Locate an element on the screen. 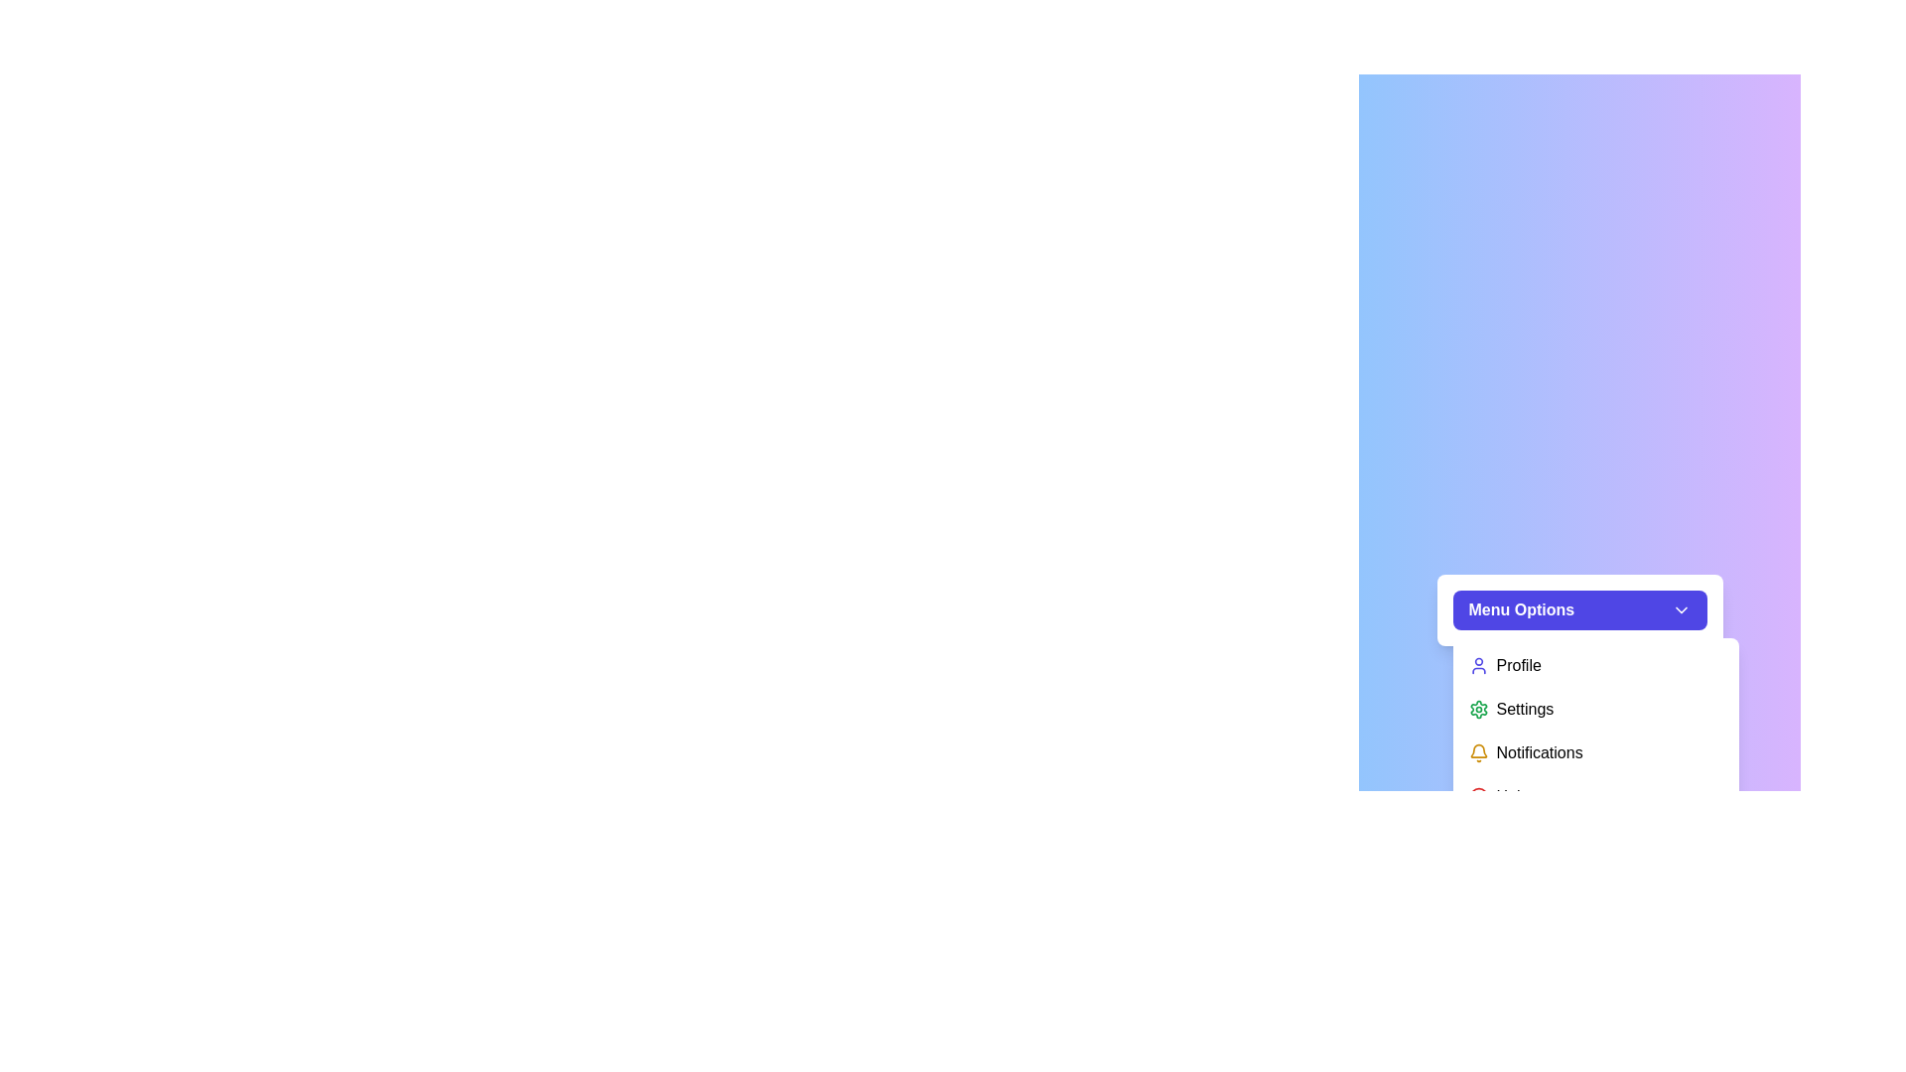  the 'Menu Options' dropdown button is located at coordinates (1578, 608).